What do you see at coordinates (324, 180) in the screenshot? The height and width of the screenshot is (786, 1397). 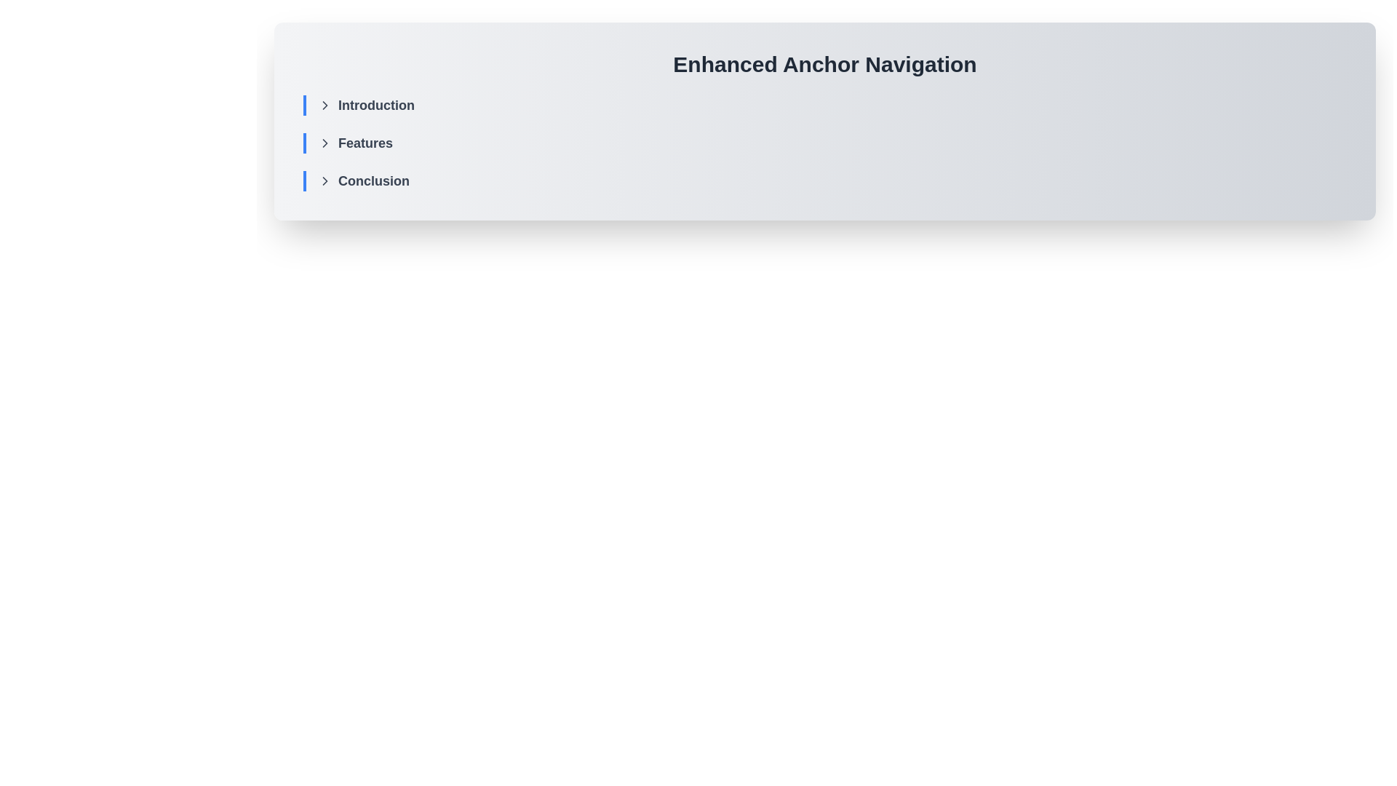 I see `the small right-pointing chevron arrow icon located next to the 'Conclusion' text in the navigation menu` at bounding box center [324, 180].